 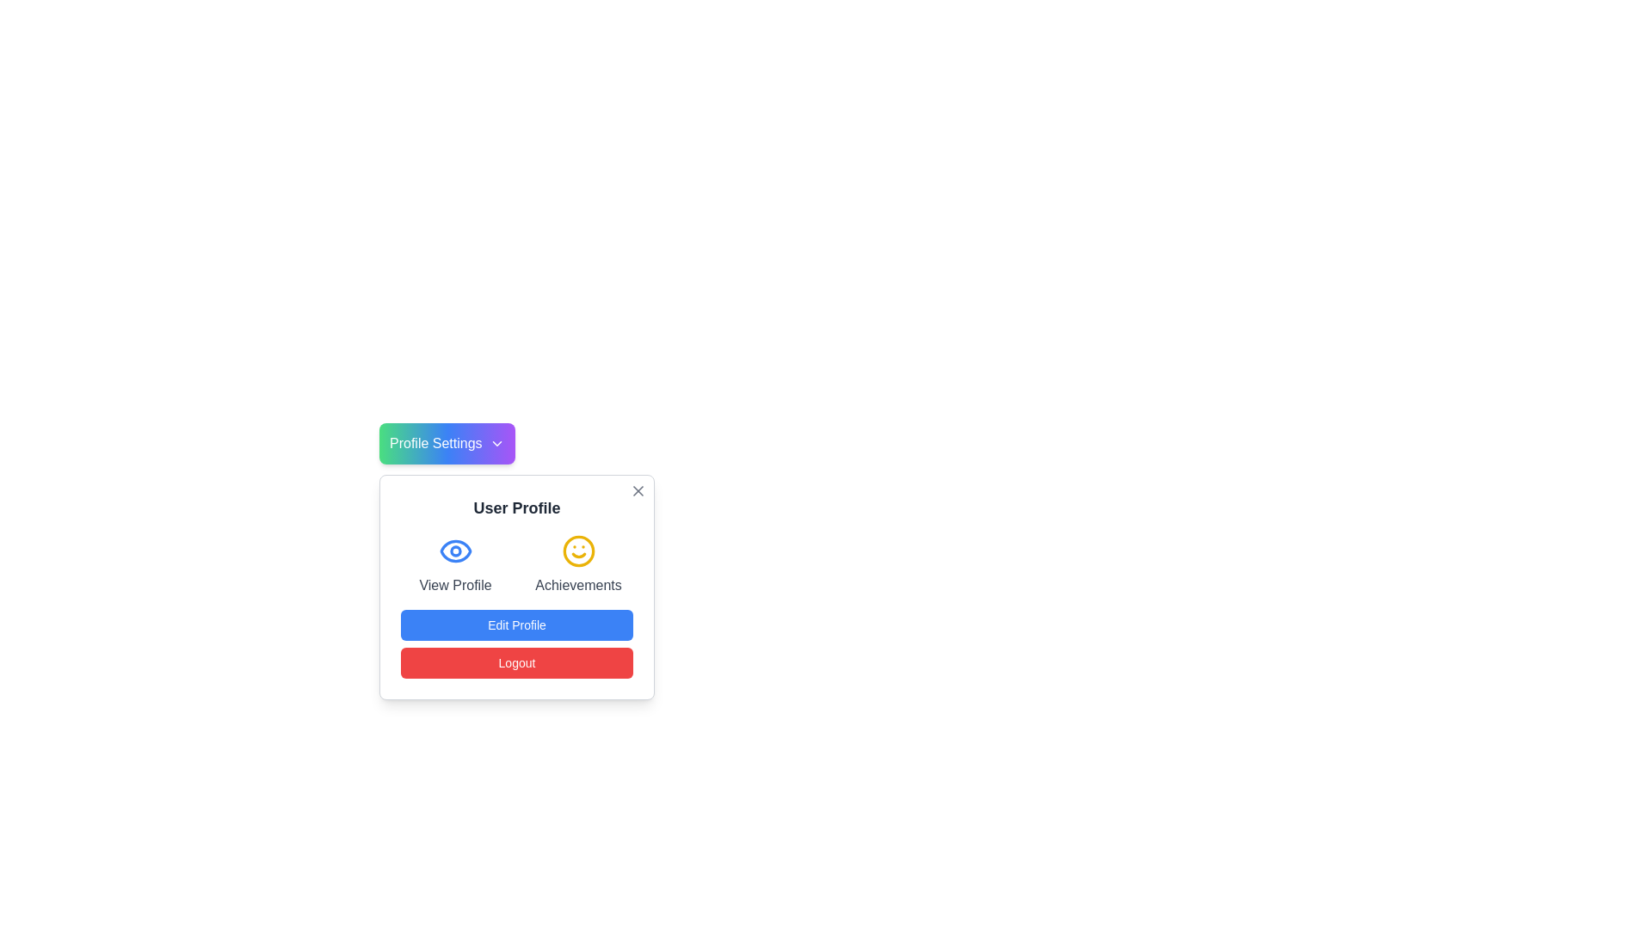 What do you see at coordinates (638, 490) in the screenshot?
I see `the close button located in the top-right corner of the 'User Profile' modal dialog` at bounding box center [638, 490].